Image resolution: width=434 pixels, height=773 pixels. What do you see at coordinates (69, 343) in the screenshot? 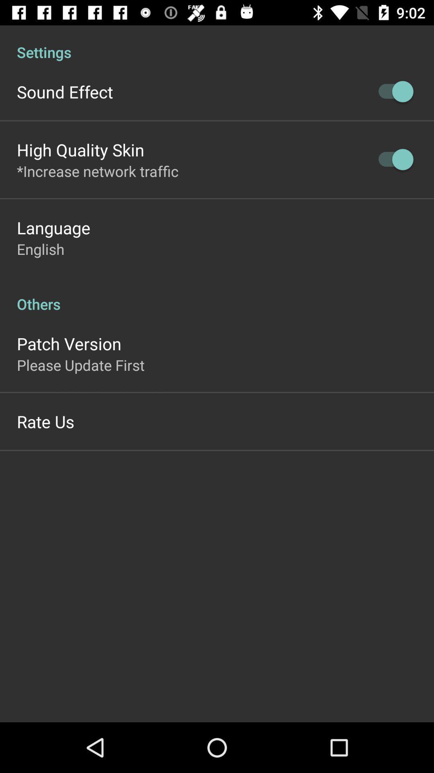
I see `the icon below the others item` at bounding box center [69, 343].